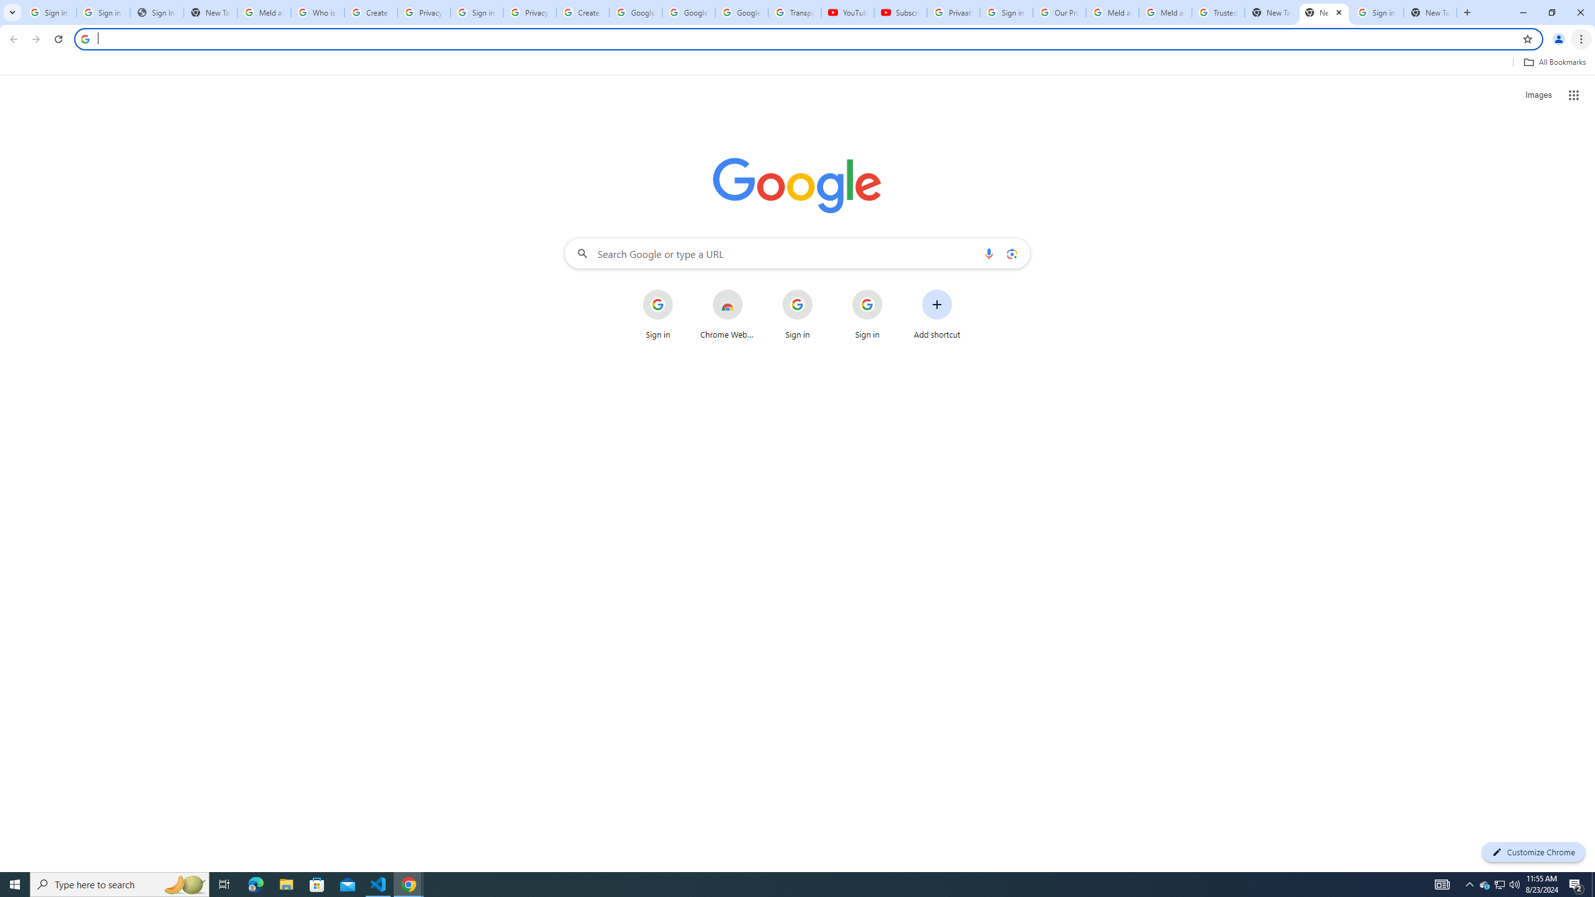 The height and width of the screenshot is (897, 1595). I want to click on 'Subscriptions - YouTube', so click(901, 12).